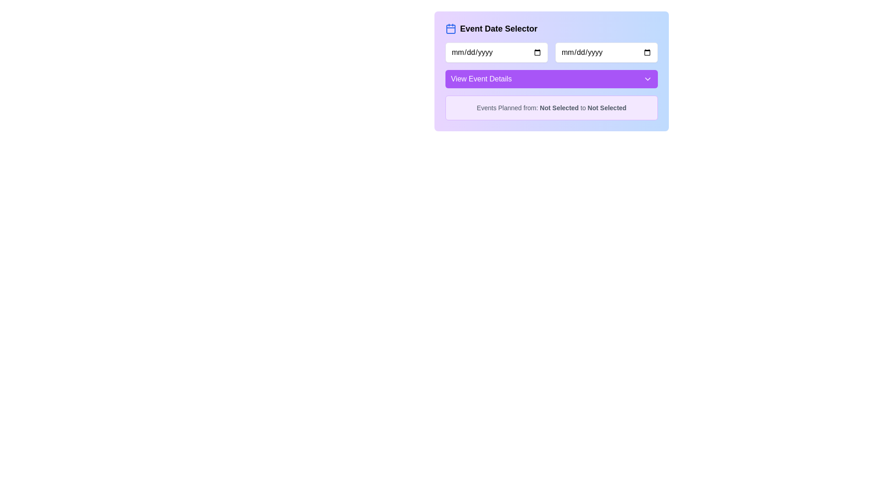 This screenshot has width=879, height=494. What do you see at coordinates (551, 107) in the screenshot?
I see `the informational text box that displays the range of dates selected for the event planning feature, located beneath the 'View Event Details' button` at bounding box center [551, 107].